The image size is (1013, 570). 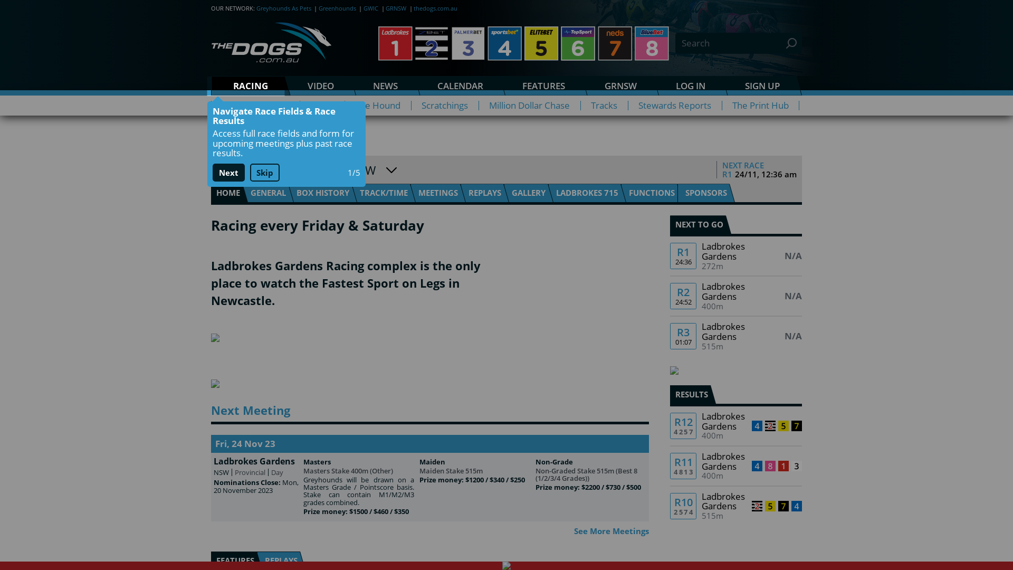 What do you see at coordinates (370, 8) in the screenshot?
I see `'GWIC'` at bounding box center [370, 8].